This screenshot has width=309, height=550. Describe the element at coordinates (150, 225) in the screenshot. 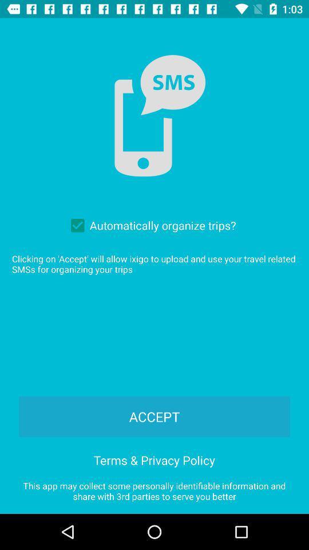

I see `item above the clicking on accept item` at that location.